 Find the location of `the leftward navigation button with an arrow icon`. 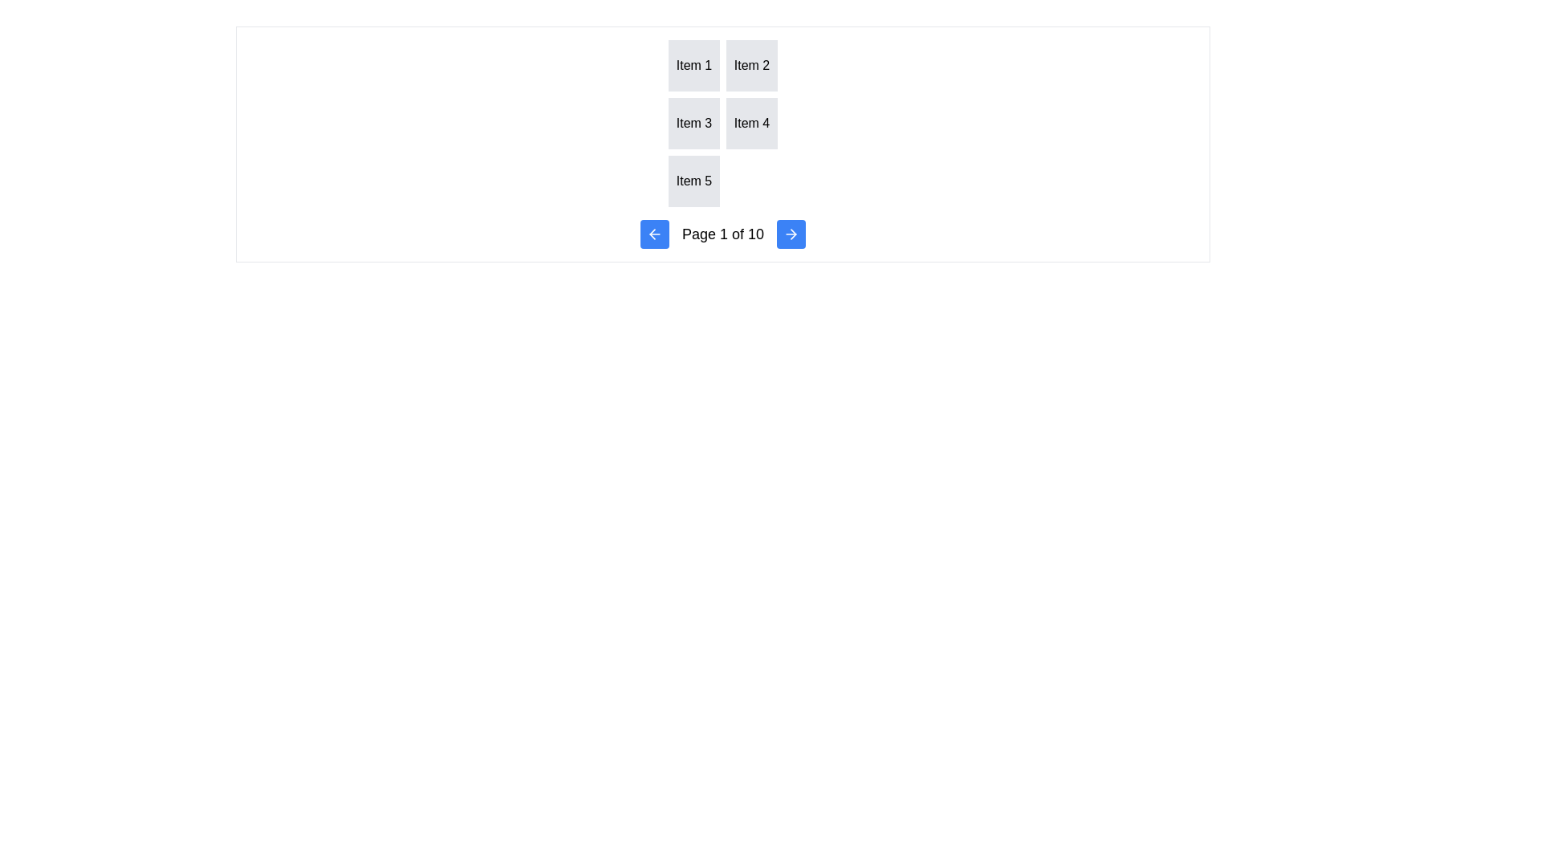

the leftward navigation button with an arrow icon is located at coordinates (655, 234).